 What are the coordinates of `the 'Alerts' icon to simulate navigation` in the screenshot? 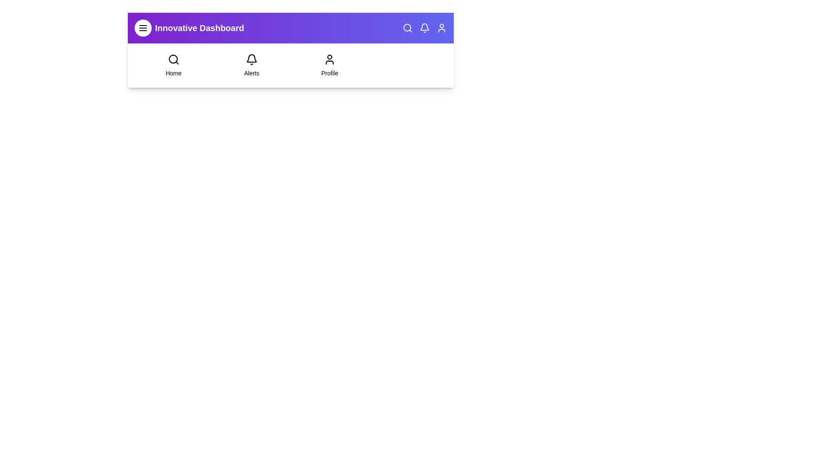 It's located at (251, 59).